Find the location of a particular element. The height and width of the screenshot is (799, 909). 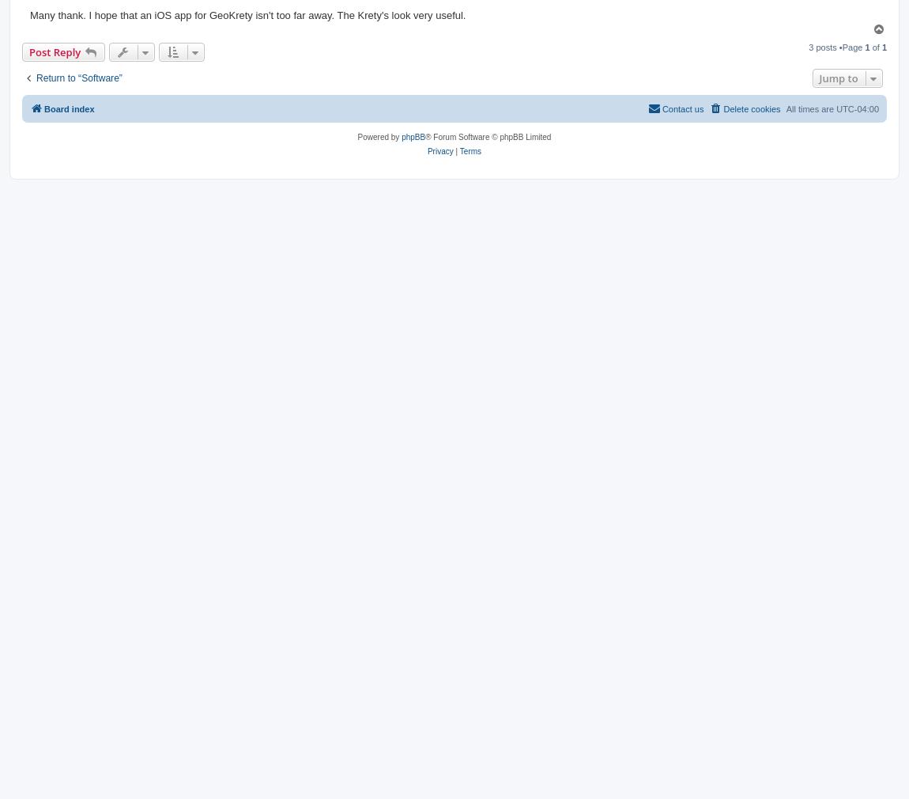

'|' is located at coordinates (455, 150).